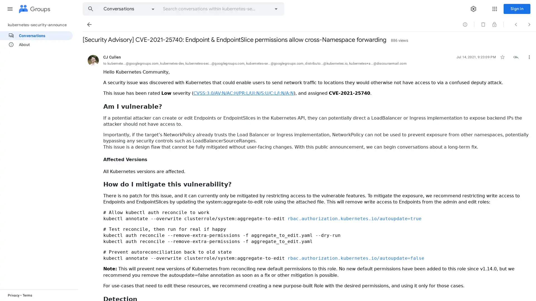 Image resolution: width=536 pixels, height=301 pixels. What do you see at coordinates (465, 24) in the screenshot?
I see `Sign in to mark conversation as abuse` at bounding box center [465, 24].